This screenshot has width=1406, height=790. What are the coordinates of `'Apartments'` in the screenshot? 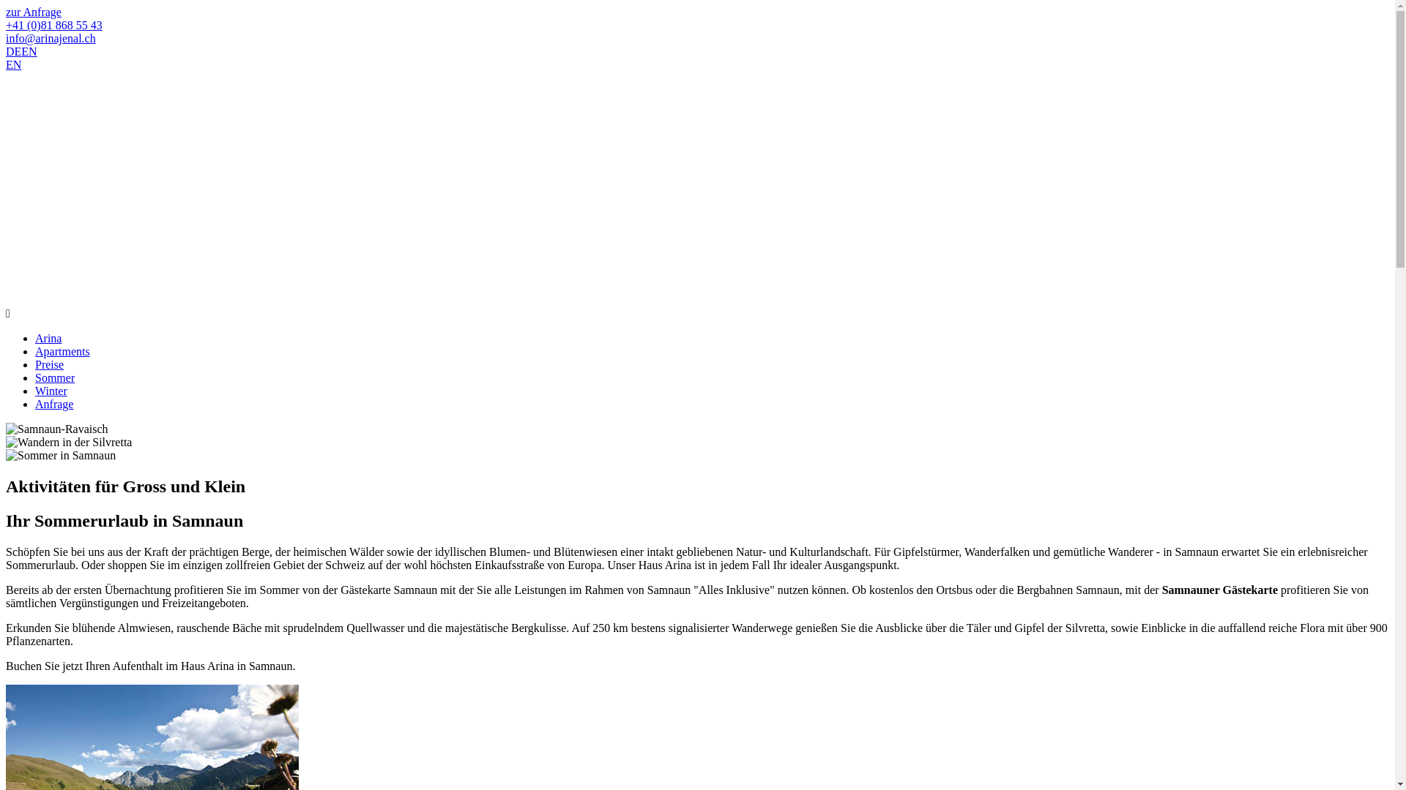 It's located at (62, 351).